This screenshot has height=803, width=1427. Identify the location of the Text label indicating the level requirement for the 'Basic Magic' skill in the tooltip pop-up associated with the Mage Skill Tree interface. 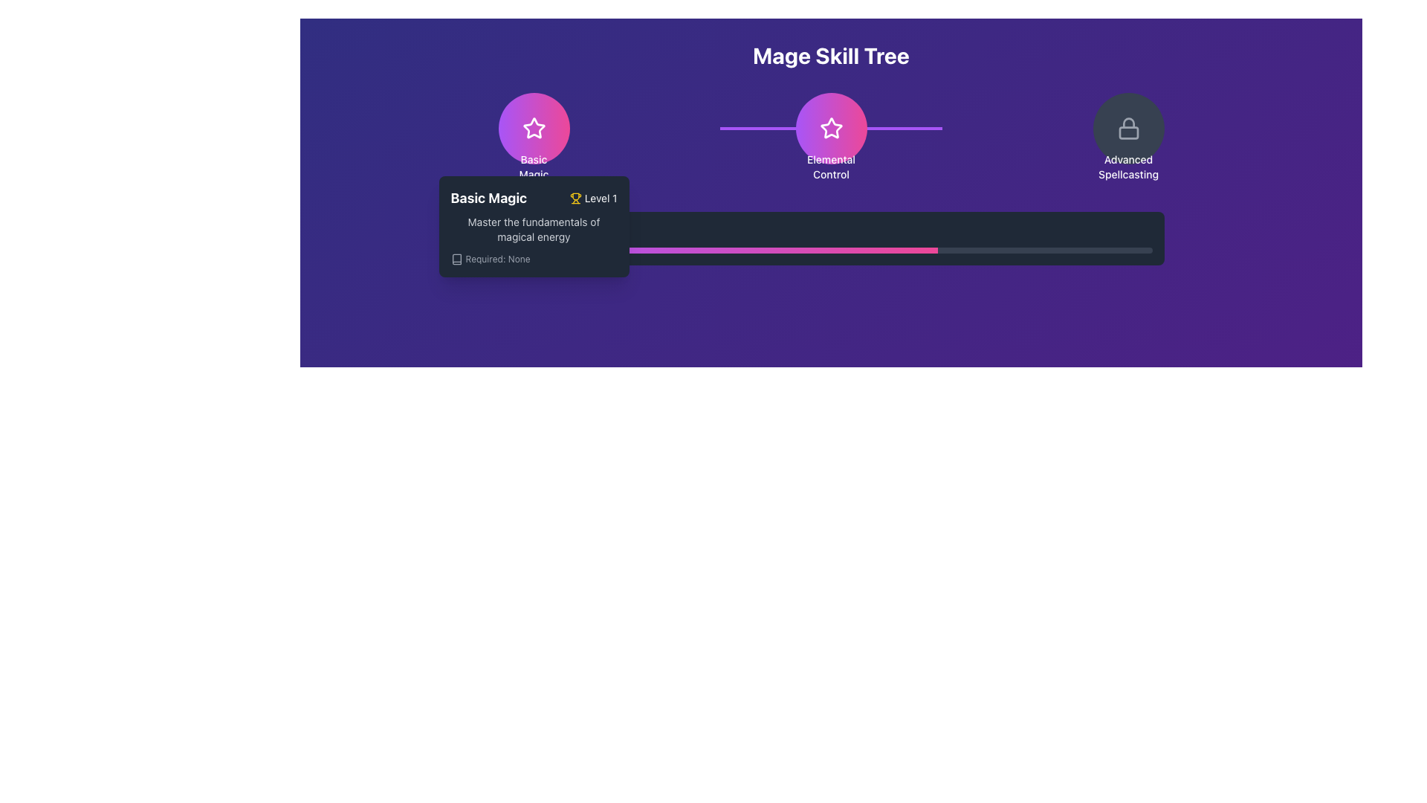
(601, 197).